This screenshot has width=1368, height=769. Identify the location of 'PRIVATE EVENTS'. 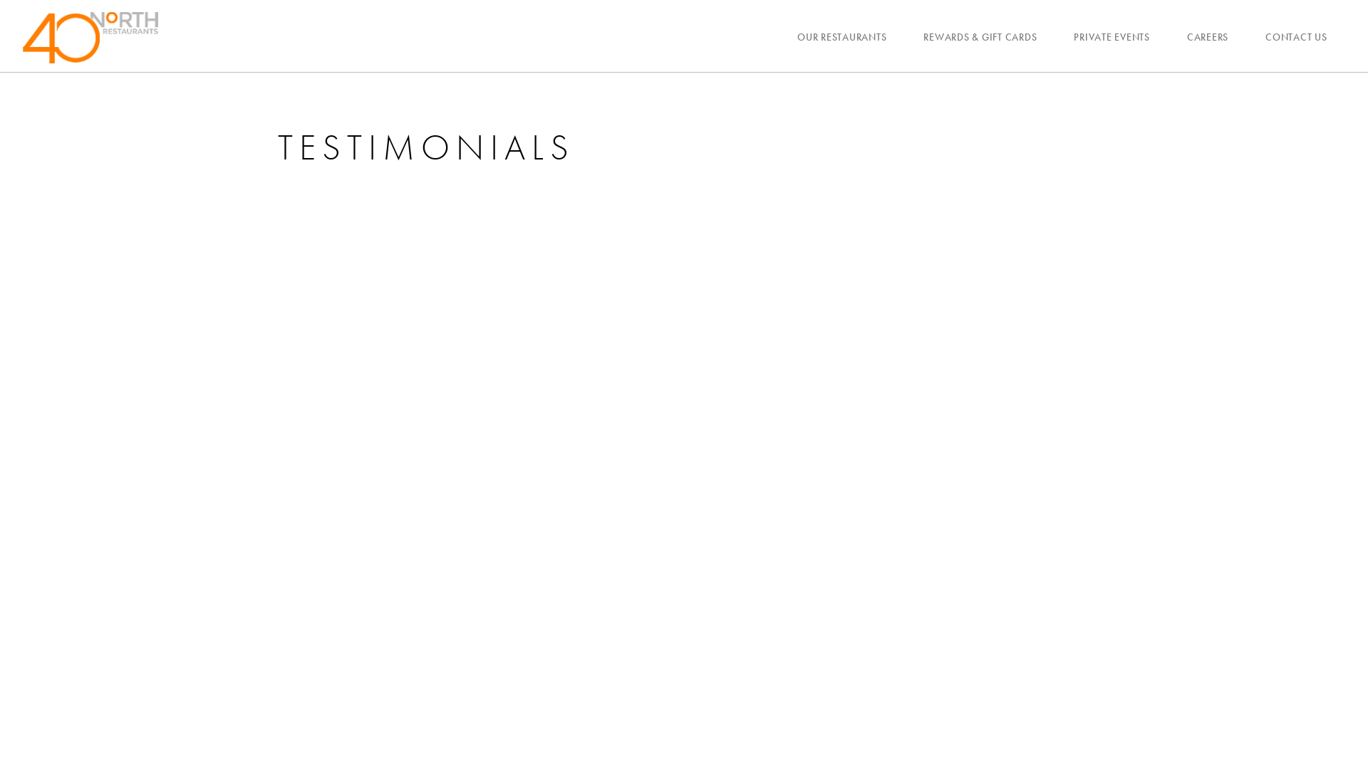
(1111, 36).